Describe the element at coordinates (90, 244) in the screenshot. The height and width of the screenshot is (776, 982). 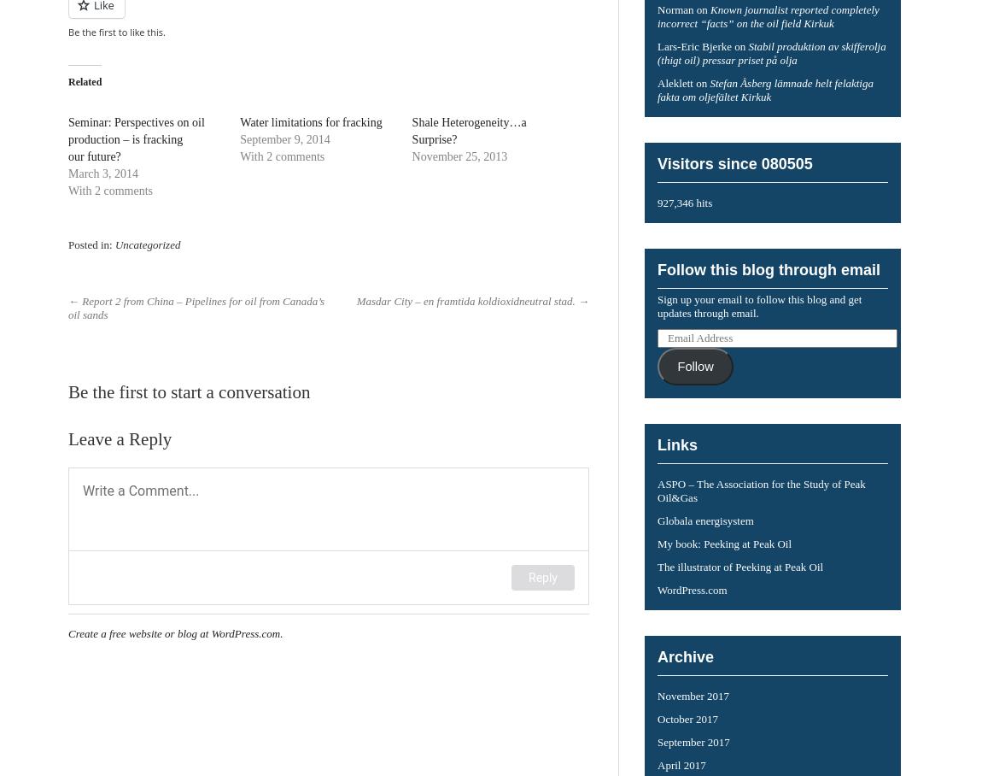
I see `'Posted in:'` at that location.